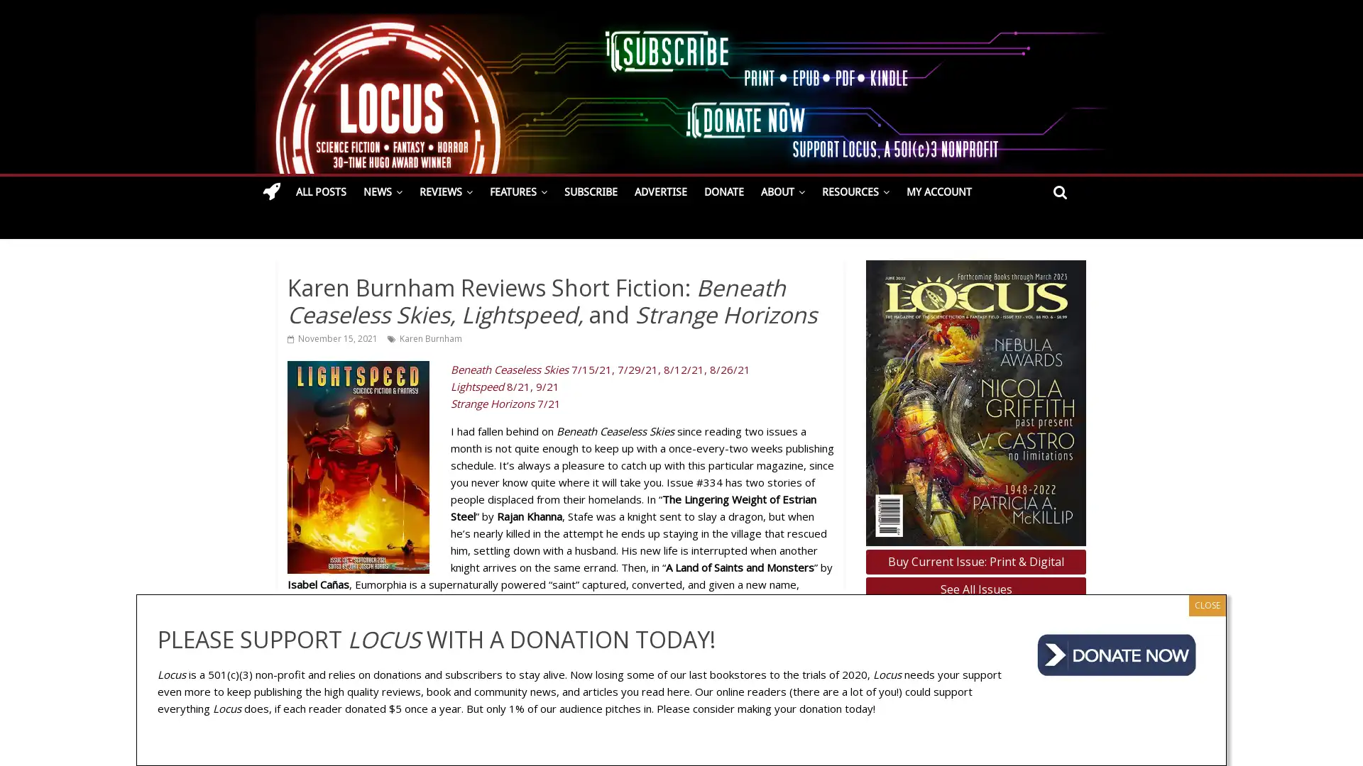  Describe the element at coordinates (975, 589) in the screenshot. I see `See All Issues` at that location.